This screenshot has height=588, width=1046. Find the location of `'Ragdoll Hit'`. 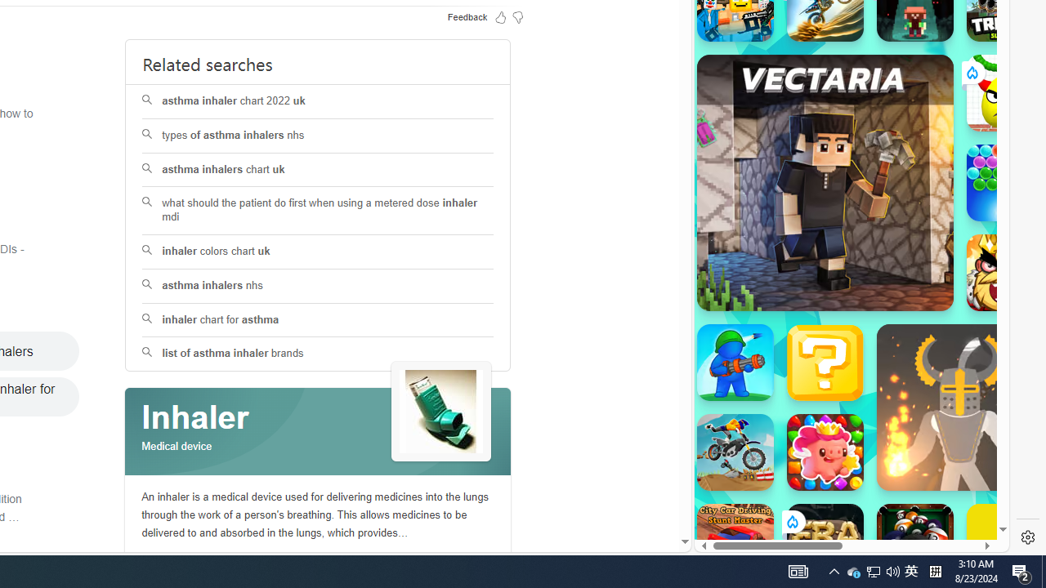

'Ragdoll Hit' is located at coordinates (960, 406).